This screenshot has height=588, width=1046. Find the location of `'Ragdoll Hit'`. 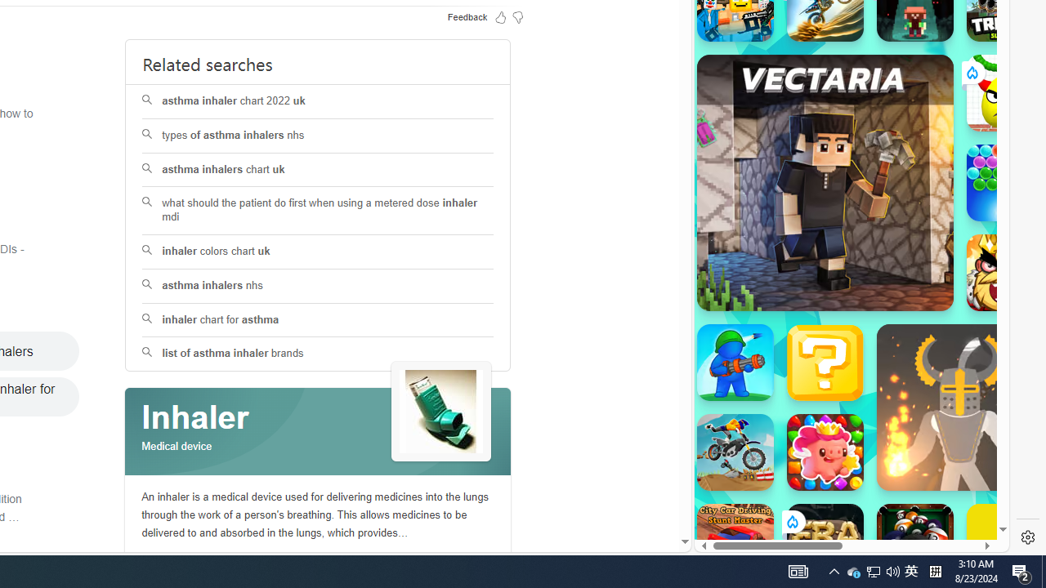

'Ragdoll Hit' is located at coordinates (960, 406).